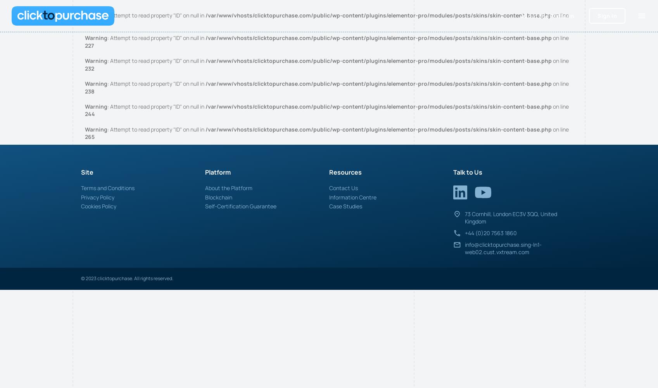  Describe the element at coordinates (98, 206) in the screenshot. I see `'Cookies Policy'` at that location.